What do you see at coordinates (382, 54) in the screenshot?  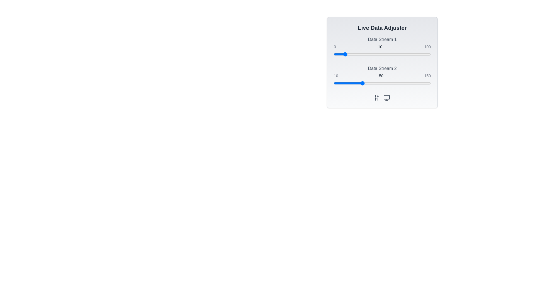 I see `the track of the horizontal slider located within the 'Data Stream 1' section to set the value` at bounding box center [382, 54].